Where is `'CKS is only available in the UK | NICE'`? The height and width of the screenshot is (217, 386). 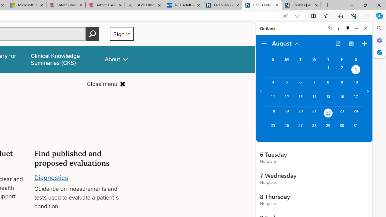
'CKS is only available in the UK | NICE' is located at coordinates (262, 5).